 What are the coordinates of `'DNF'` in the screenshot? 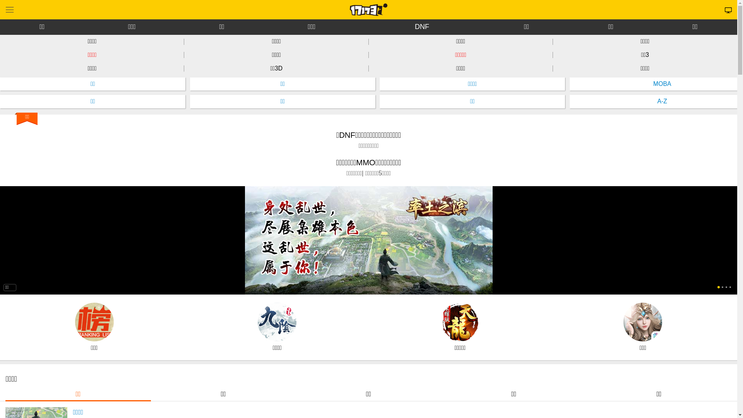 It's located at (421, 26).